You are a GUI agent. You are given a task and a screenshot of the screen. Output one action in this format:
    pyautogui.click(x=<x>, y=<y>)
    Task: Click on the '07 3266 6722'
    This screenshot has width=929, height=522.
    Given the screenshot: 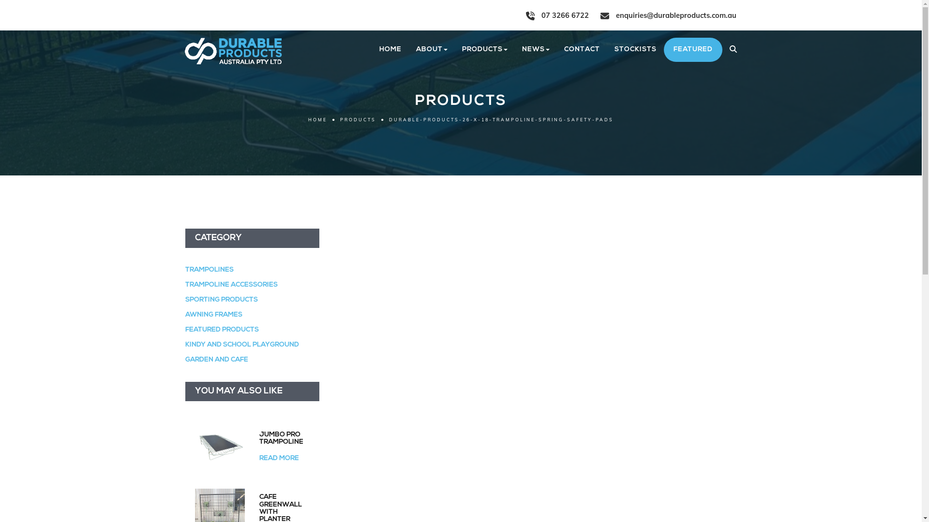 What is the action you would take?
    pyautogui.click(x=524, y=15)
    